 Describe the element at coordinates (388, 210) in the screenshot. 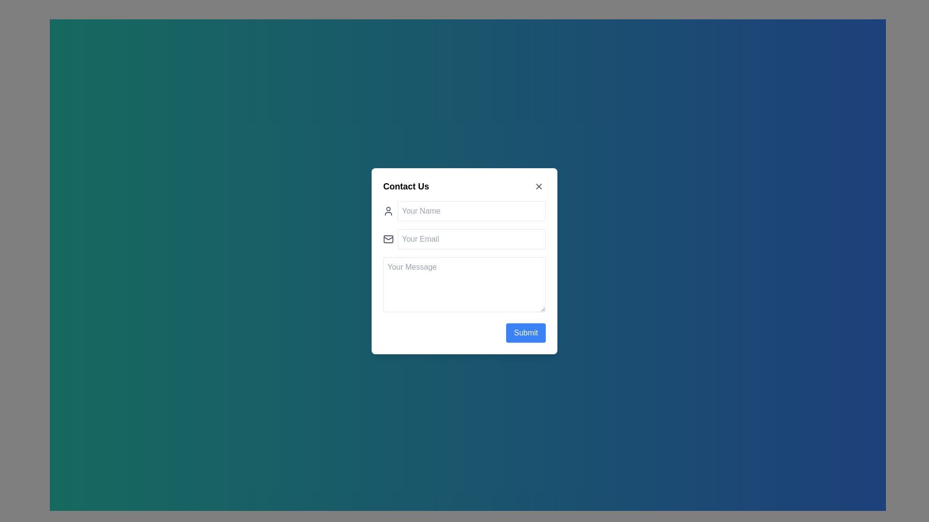

I see `the user icon, which is a line-art styled gray icon resembling a person's head and shoulders, located to the left of the 'Your Name' text input` at that location.